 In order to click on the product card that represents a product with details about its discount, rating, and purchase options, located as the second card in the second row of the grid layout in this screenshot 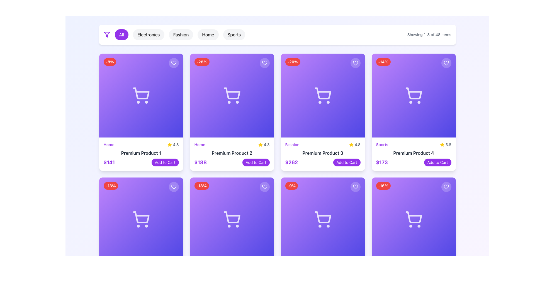, I will do `click(232, 236)`.